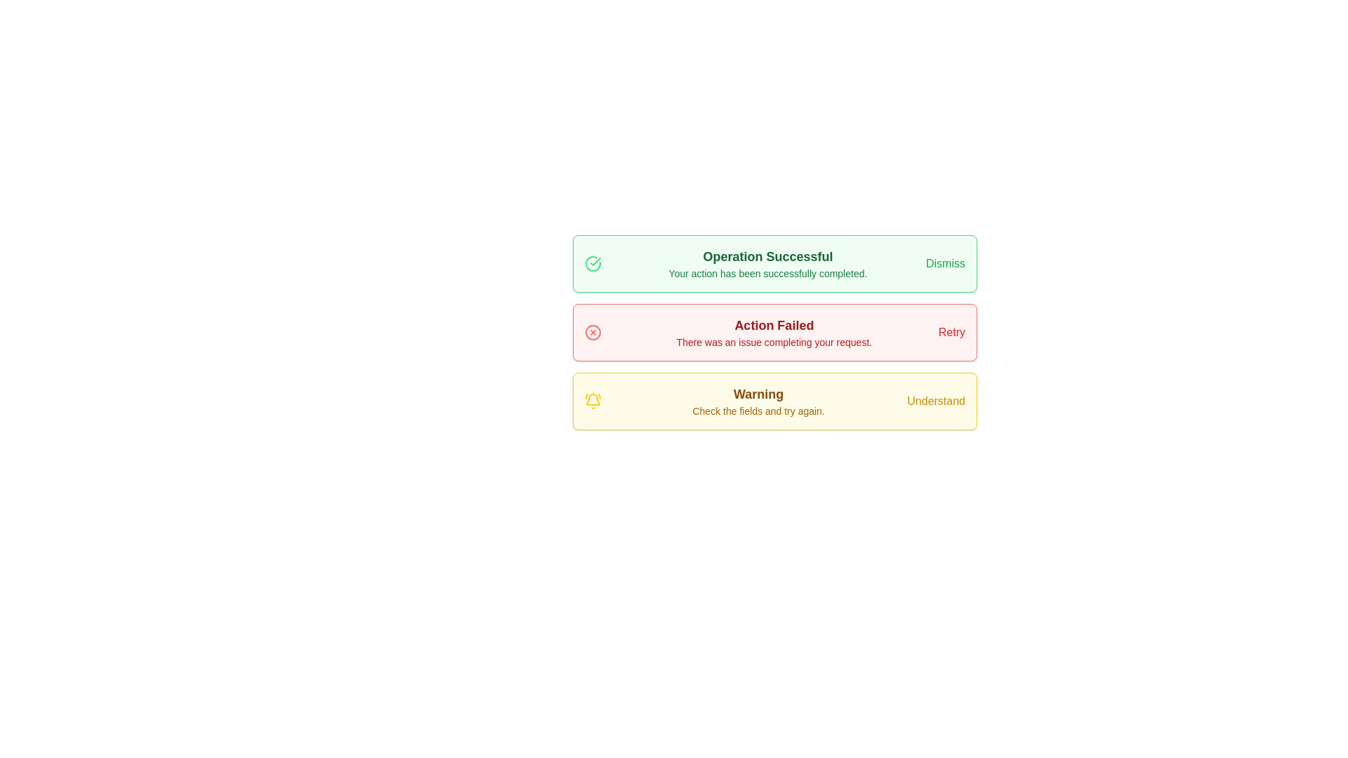  What do you see at coordinates (593, 333) in the screenshot?
I see `the error icon located to the left of the 'There was an issue completing your request.' text in the 'Action Failed' notification segment` at bounding box center [593, 333].